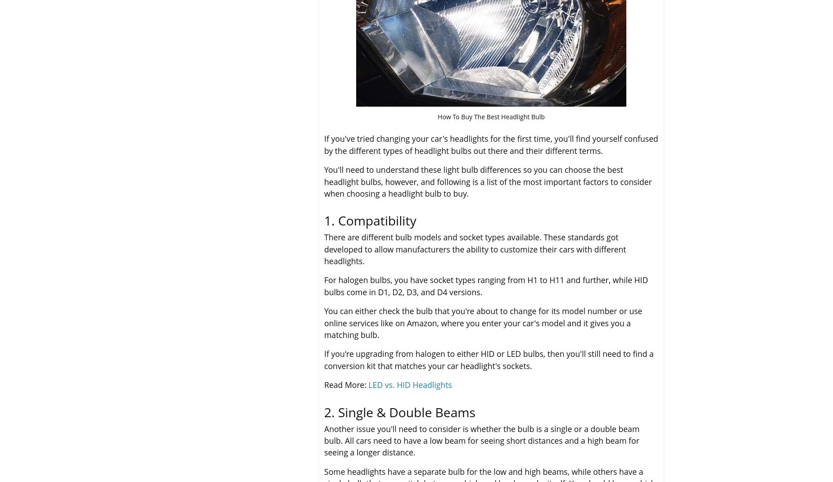 This screenshot has height=482, width=833. Describe the element at coordinates (475, 249) in the screenshot. I see `'There are different bulb models and socket types available. These standards got developed to allow manufacturers the ability to customize their cars with different headlights.'` at that location.